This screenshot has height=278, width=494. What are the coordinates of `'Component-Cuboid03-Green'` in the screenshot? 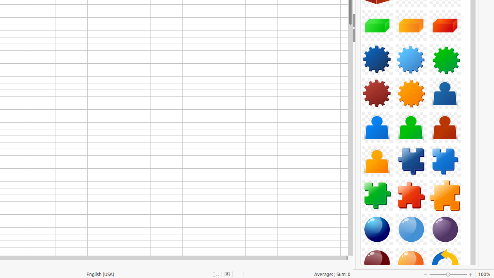 It's located at (377, 25).